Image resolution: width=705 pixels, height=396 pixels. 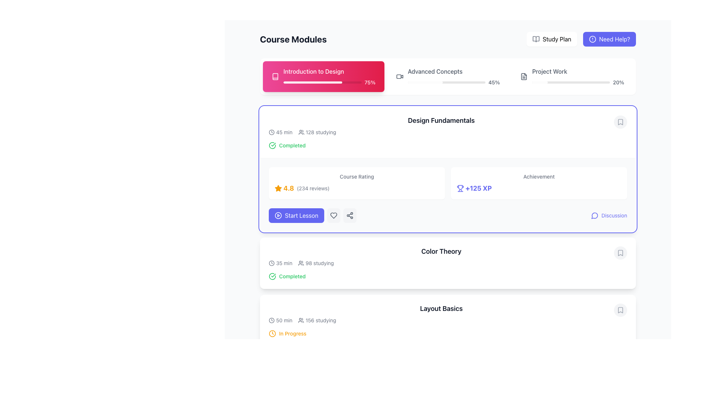 I want to click on the 'Need Help?' button with a royal blue background and white text to interact, so click(x=581, y=39).